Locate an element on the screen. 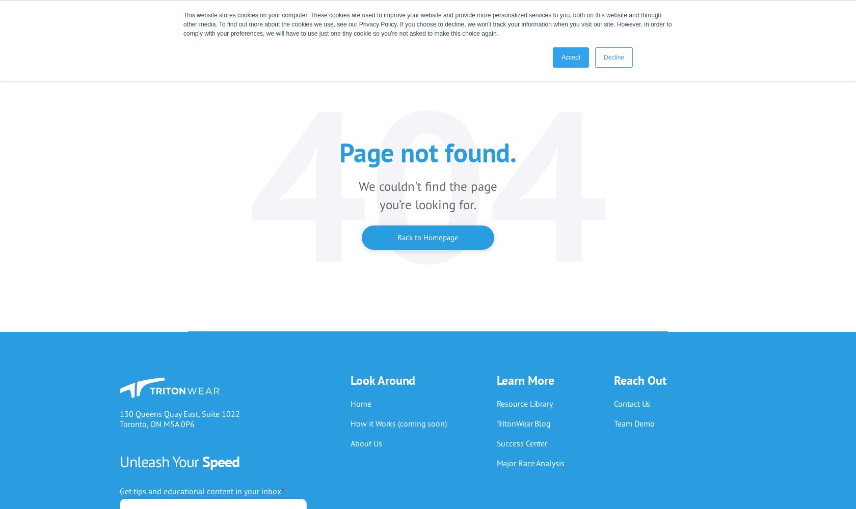  'FAQ' is located at coordinates (514, 188).